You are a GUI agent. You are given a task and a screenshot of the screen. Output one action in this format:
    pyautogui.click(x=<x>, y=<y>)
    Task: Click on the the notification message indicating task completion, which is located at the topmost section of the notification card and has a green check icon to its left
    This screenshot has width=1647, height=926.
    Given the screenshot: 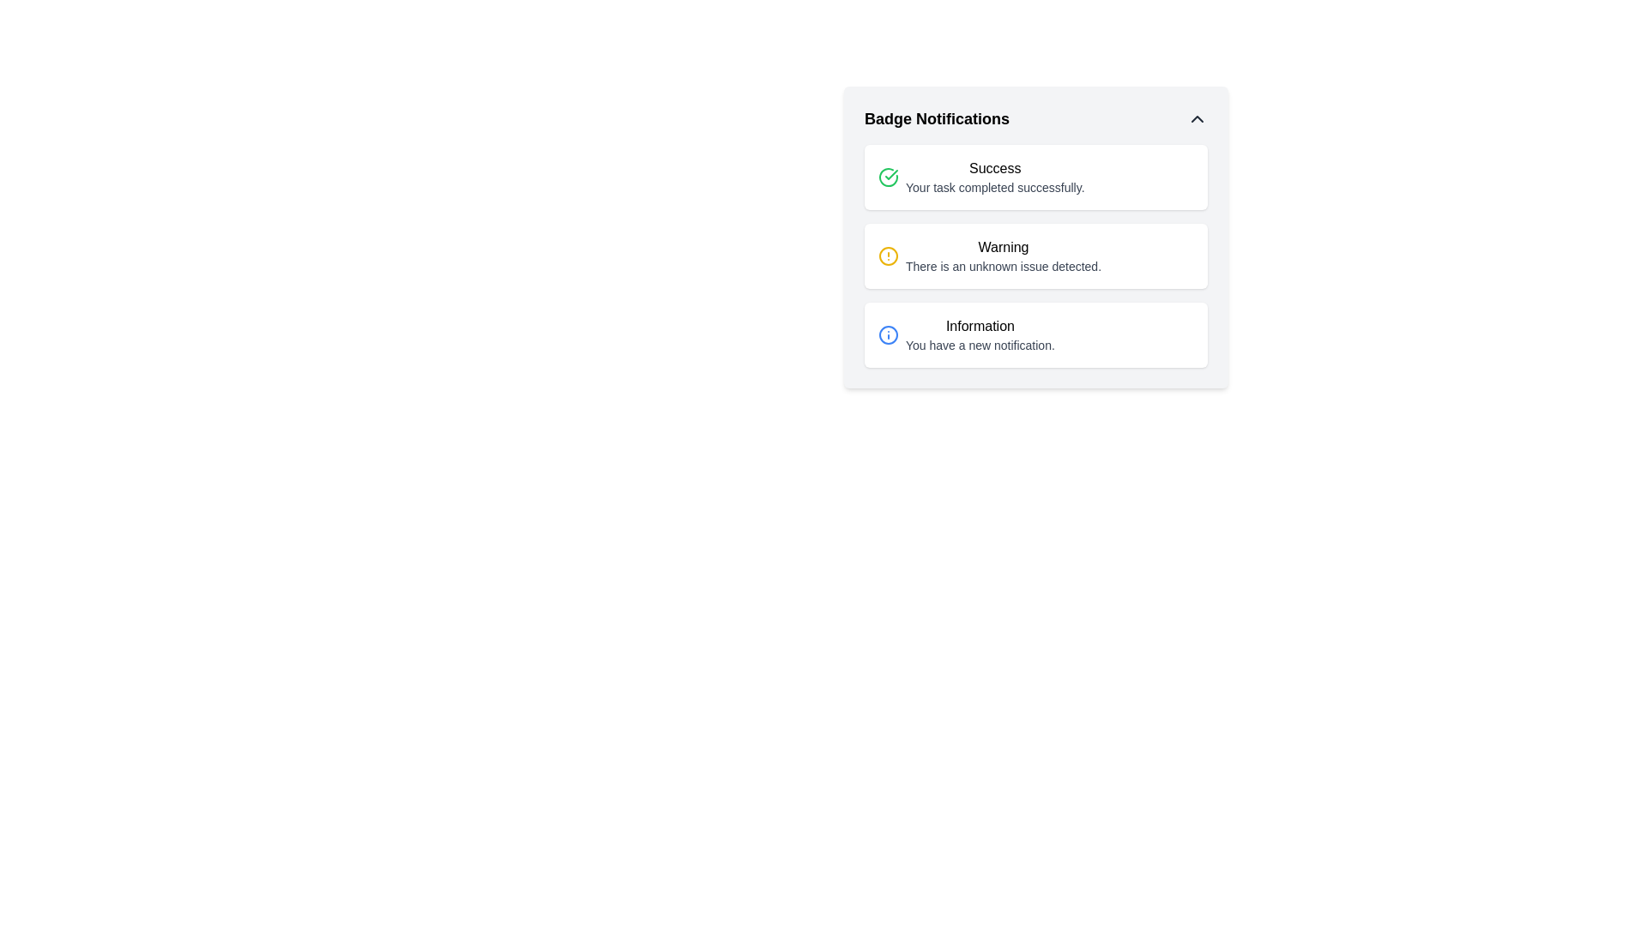 What is the action you would take?
    pyautogui.click(x=995, y=177)
    